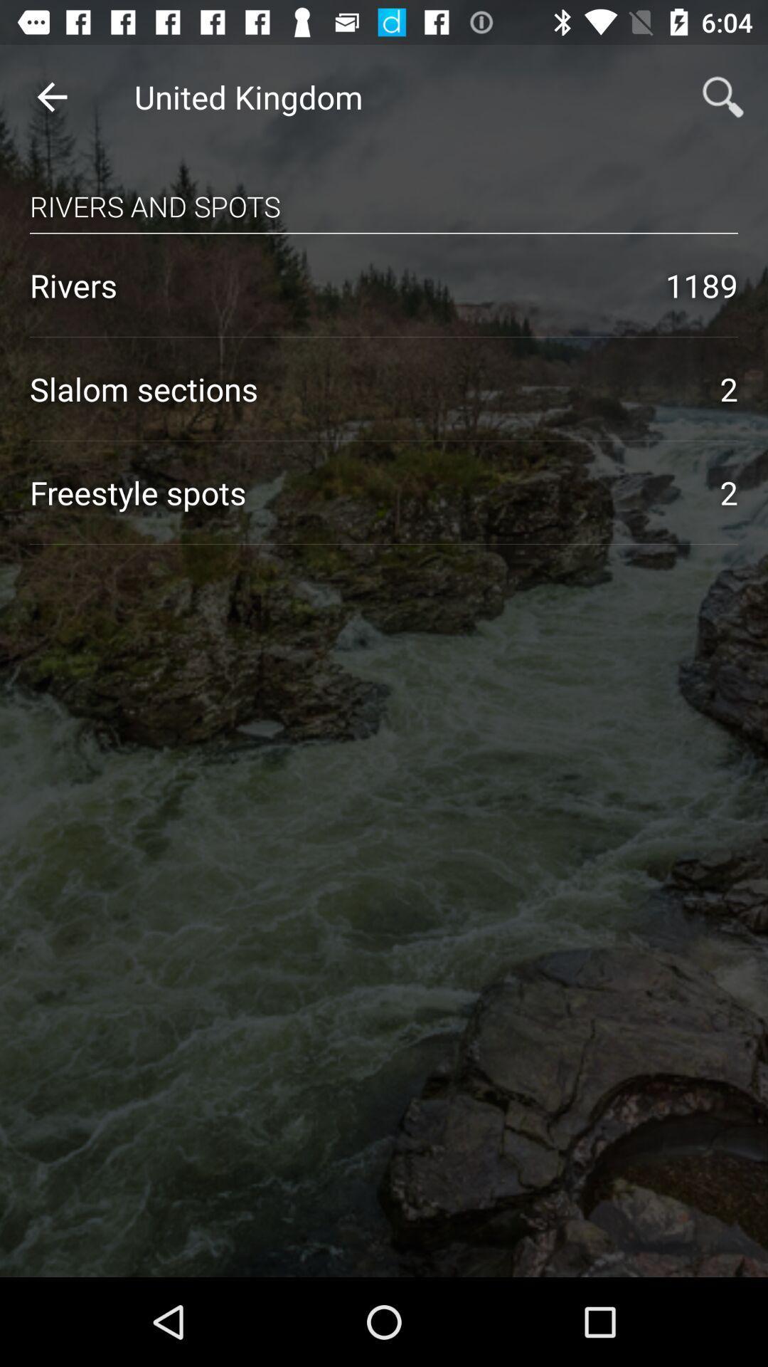  I want to click on the item next to united kingdom icon, so click(51, 96).